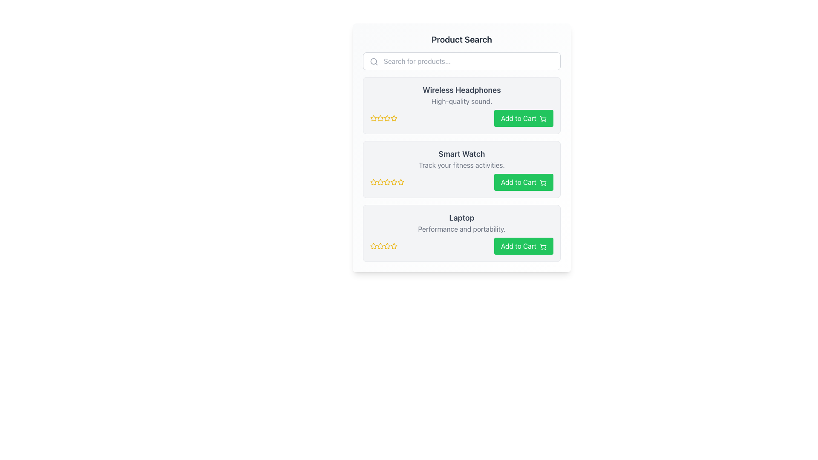  Describe the element at coordinates (386, 118) in the screenshot. I see `the third star icon in the rating system of the 'Wireless Headphones' product card for accessibility purposes` at that location.